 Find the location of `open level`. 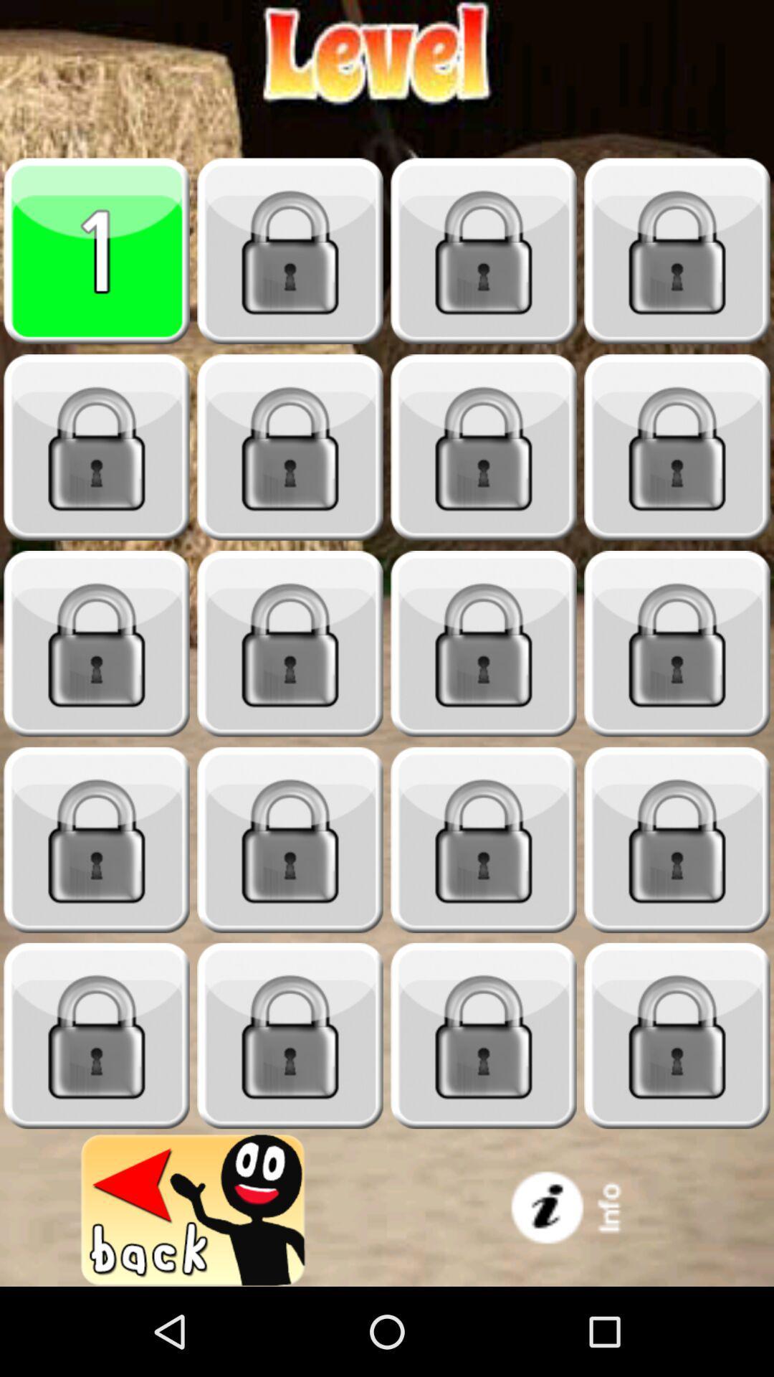

open level is located at coordinates (677, 1036).